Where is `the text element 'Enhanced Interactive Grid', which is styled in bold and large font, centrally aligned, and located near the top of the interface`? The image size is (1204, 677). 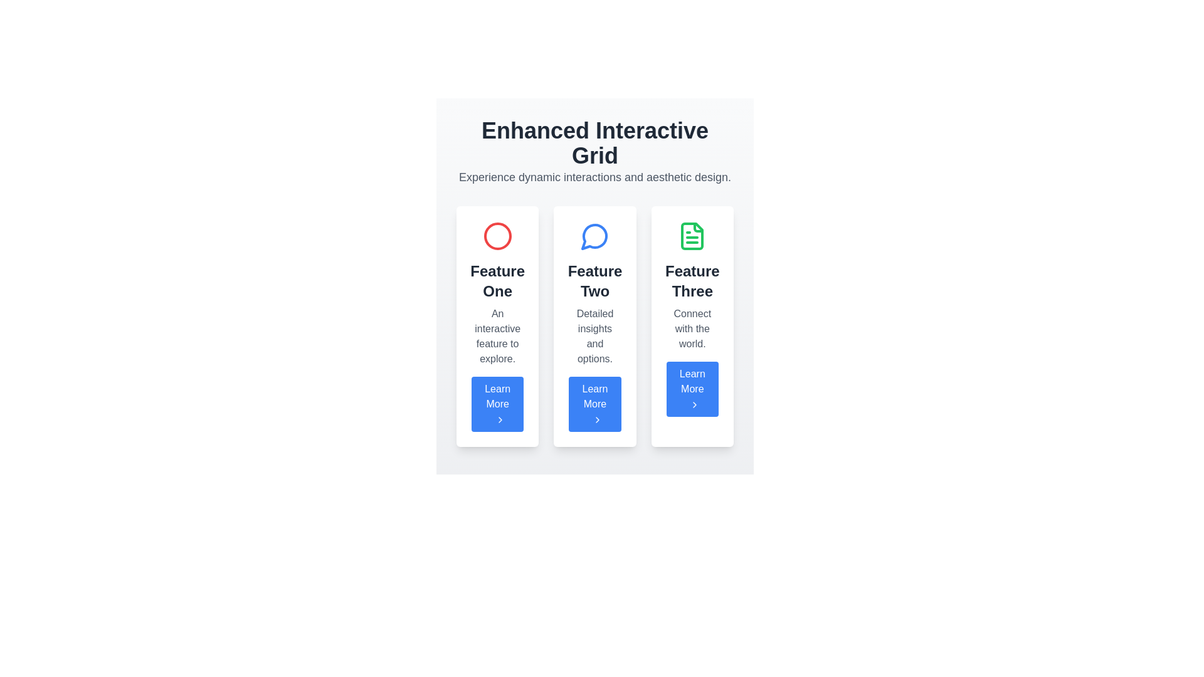
the text element 'Enhanced Interactive Grid', which is styled in bold and large font, centrally aligned, and located near the top of the interface is located at coordinates (594, 142).